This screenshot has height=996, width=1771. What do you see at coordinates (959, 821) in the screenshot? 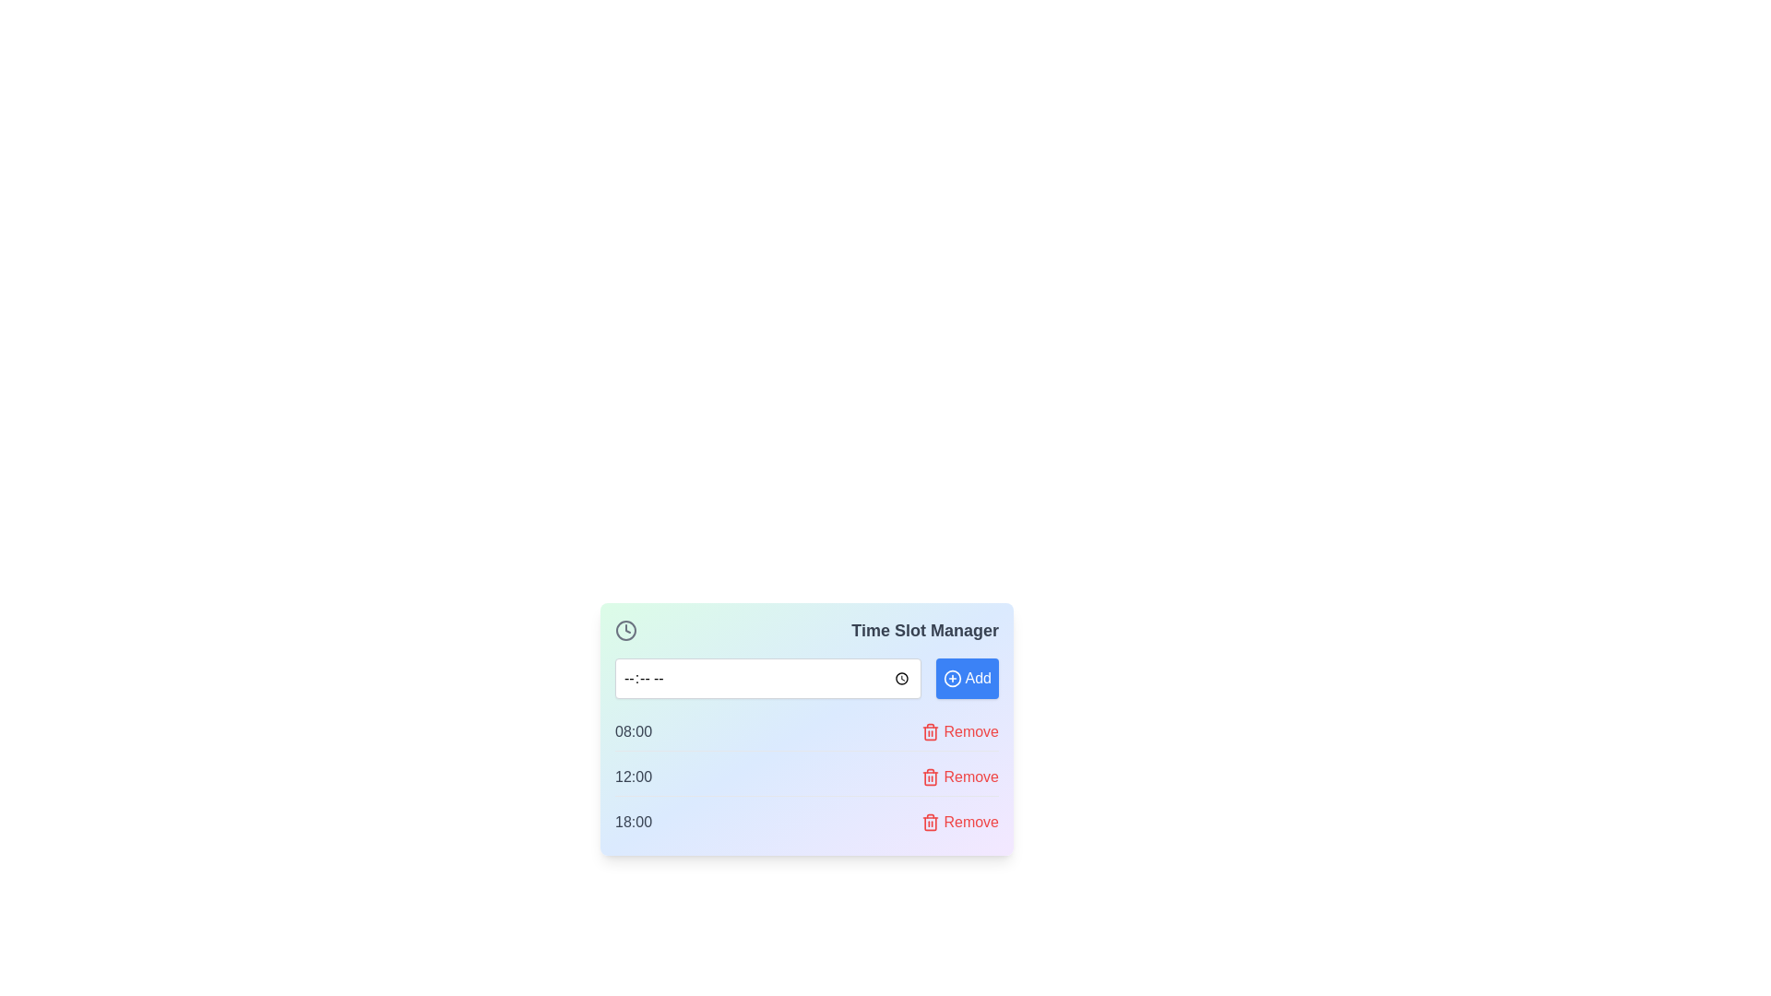
I see `the clickable red label with the text 'Remove' and a trash can icon` at bounding box center [959, 821].